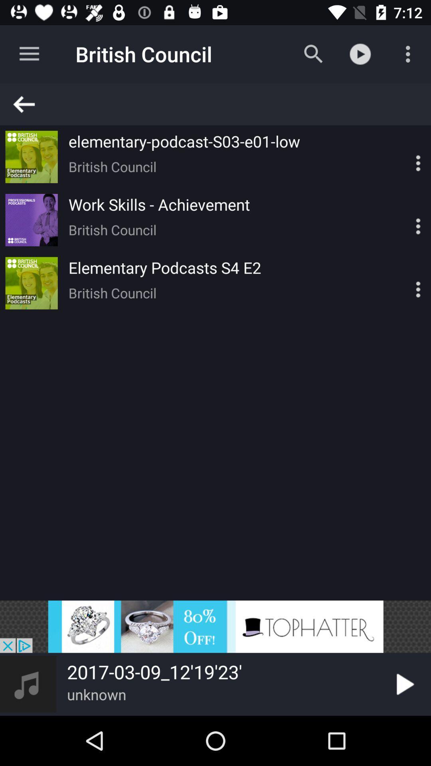  I want to click on go back, so click(219, 104).